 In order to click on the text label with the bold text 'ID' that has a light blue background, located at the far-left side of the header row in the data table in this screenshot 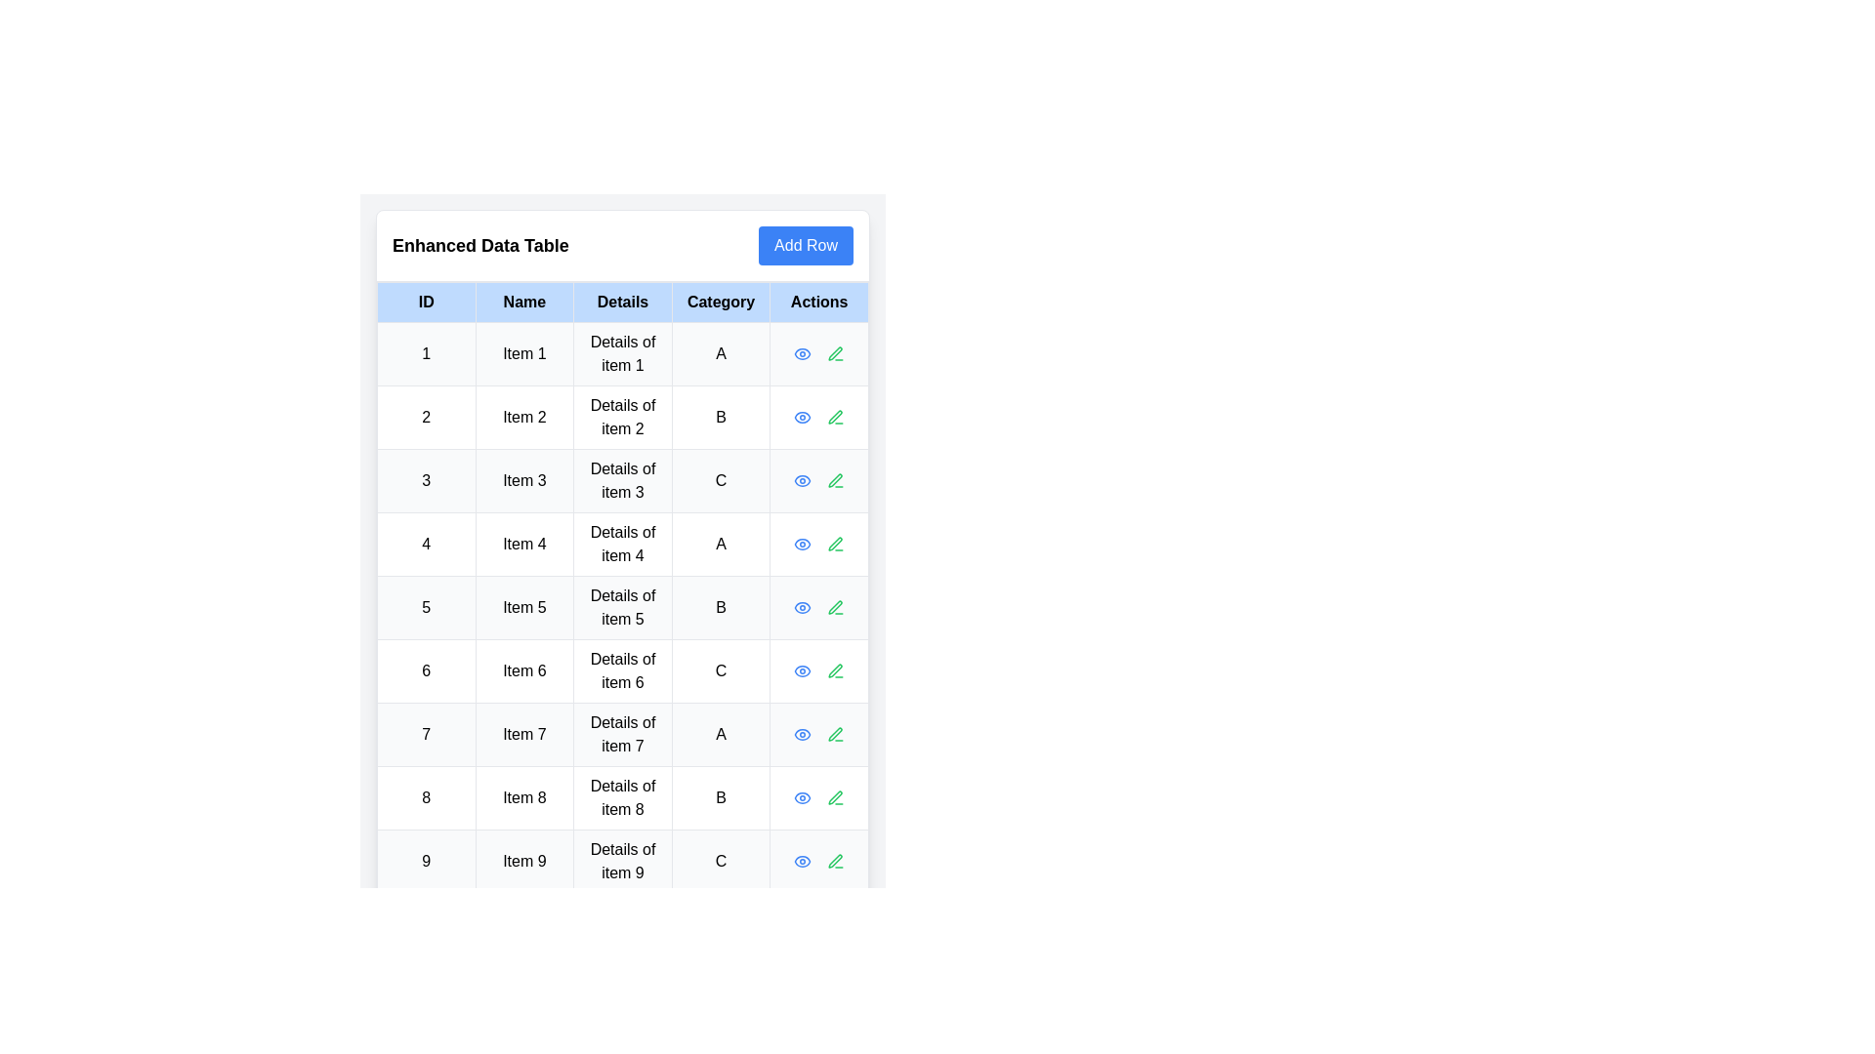, I will do `click(425, 302)`.